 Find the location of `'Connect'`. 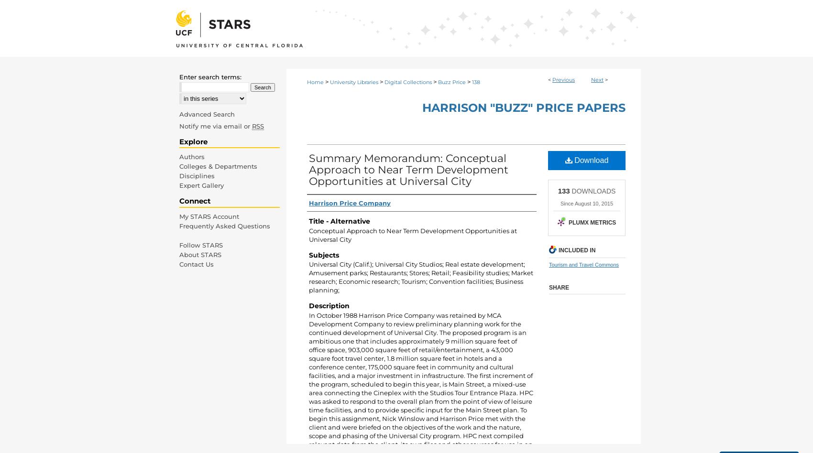

'Connect' is located at coordinates (195, 200).